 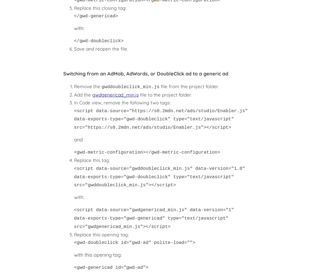 I want to click on 'Replace this opening tag:', so click(x=74, y=234).